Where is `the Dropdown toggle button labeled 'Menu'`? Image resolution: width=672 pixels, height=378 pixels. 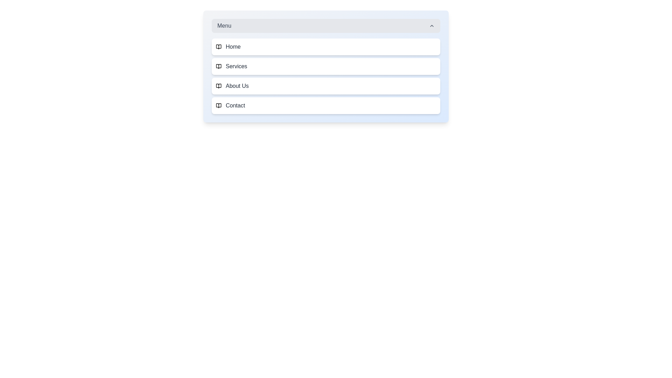 the Dropdown toggle button labeled 'Menu' is located at coordinates (325, 25).